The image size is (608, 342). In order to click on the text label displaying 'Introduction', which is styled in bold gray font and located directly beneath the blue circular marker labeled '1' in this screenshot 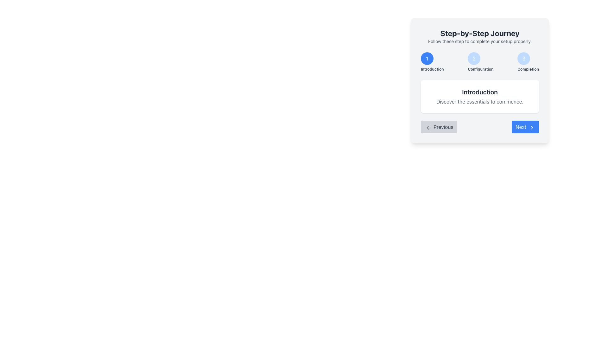, I will do `click(432, 69)`.